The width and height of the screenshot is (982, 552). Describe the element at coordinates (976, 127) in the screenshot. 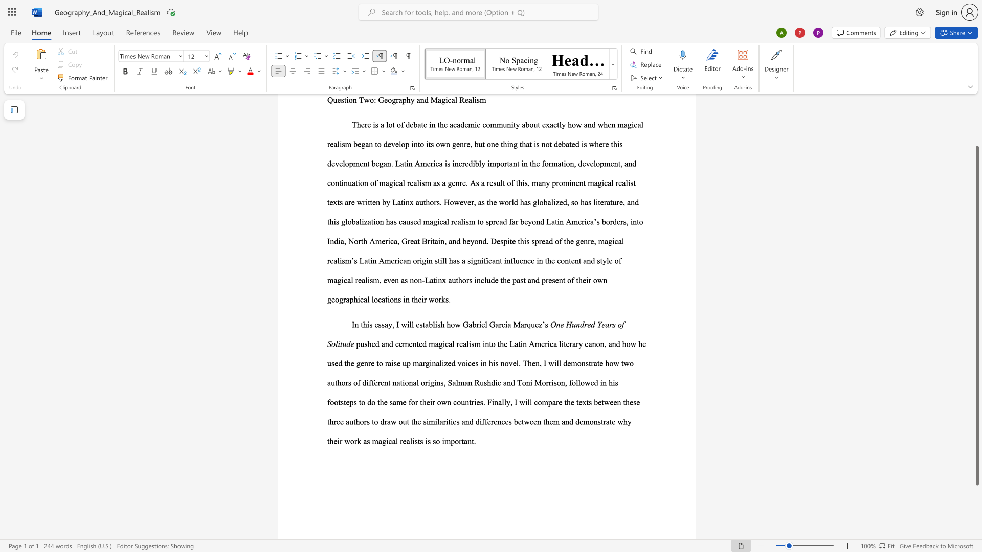

I see `the scrollbar on the side` at that location.